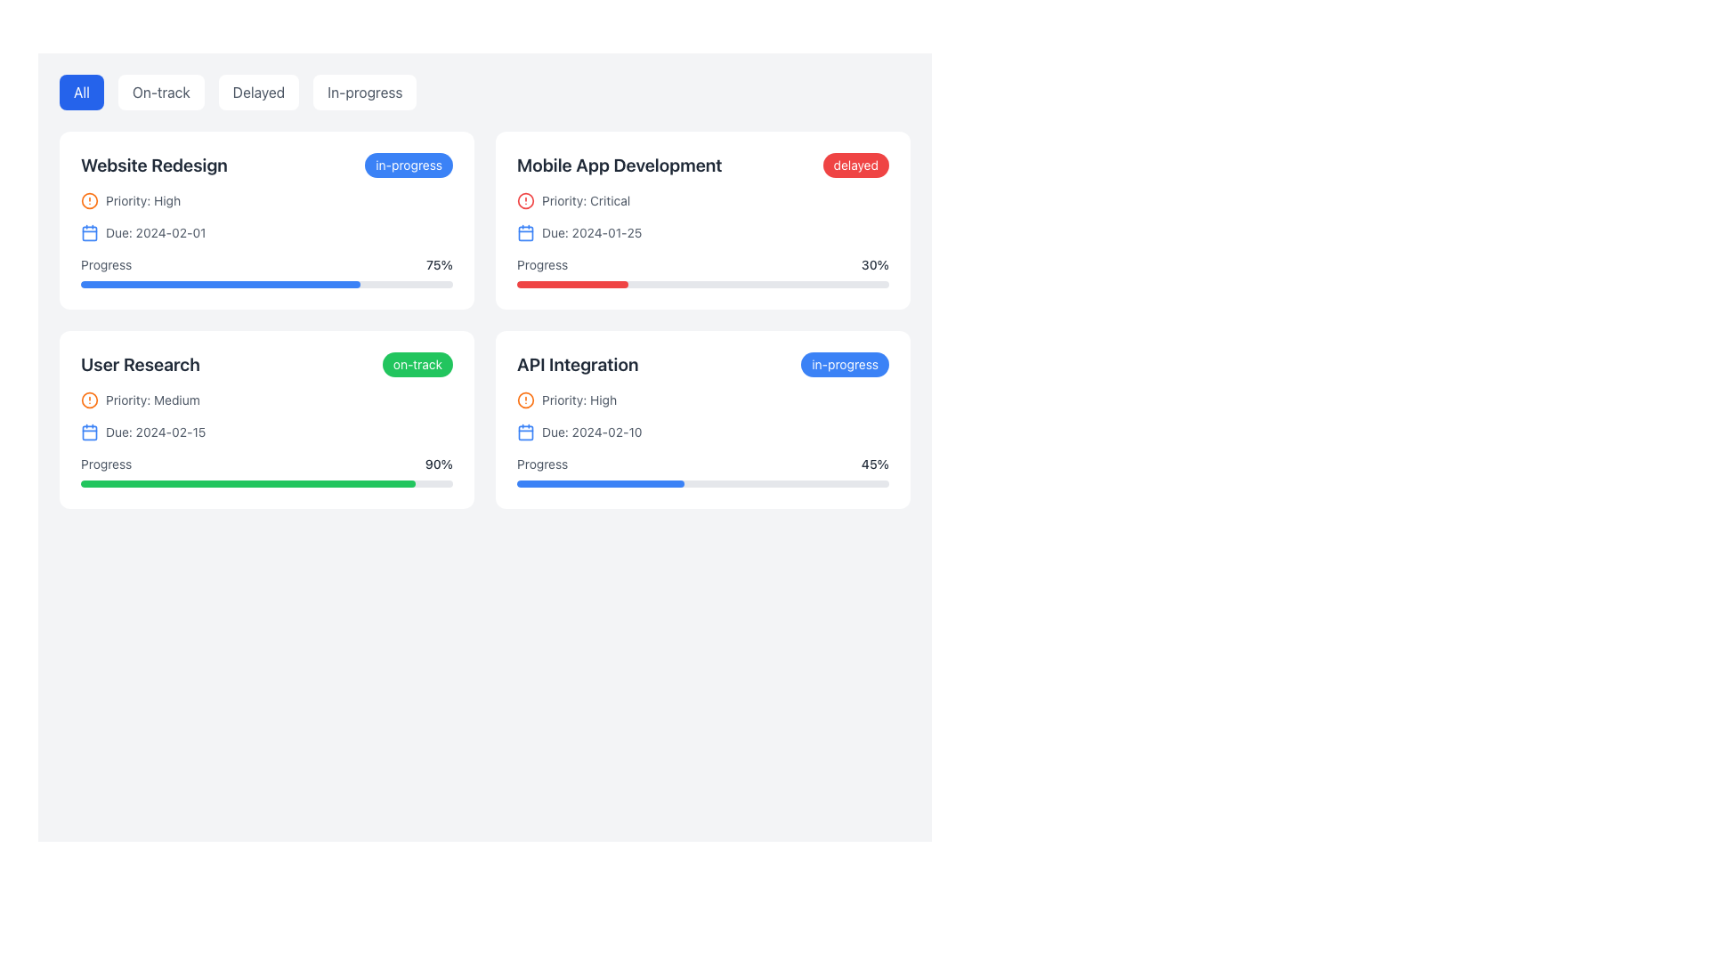  What do you see at coordinates (265, 240) in the screenshot?
I see `detailed information about task's priority, due date, and progress in the second section of the 'Website Redesign' card` at bounding box center [265, 240].